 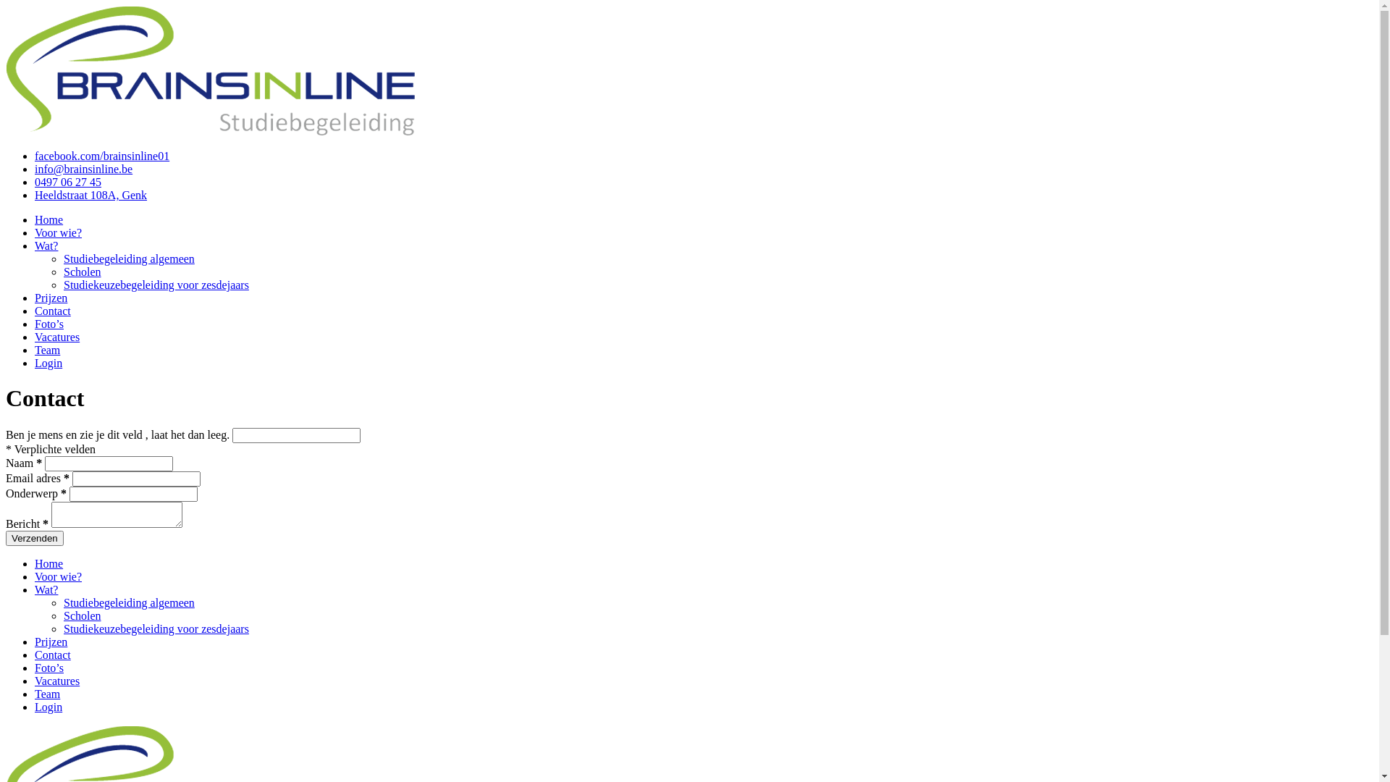 I want to click on 'Home', so click(x=49, y=219).